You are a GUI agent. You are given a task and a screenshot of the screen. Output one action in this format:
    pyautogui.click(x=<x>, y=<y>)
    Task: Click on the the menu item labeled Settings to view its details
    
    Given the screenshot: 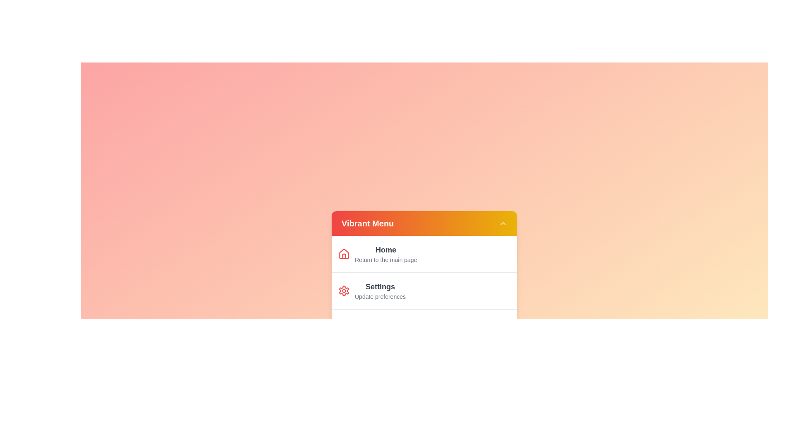 What is the action you would take?
    pyautogui.click(x=385, y=290)
    